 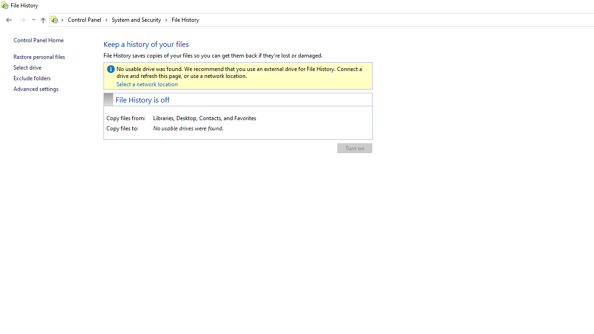 What do you see at coordinates (19, 20) in the screenshot?
I see `'Navigation buttons'` at bounding box center [19, 20].